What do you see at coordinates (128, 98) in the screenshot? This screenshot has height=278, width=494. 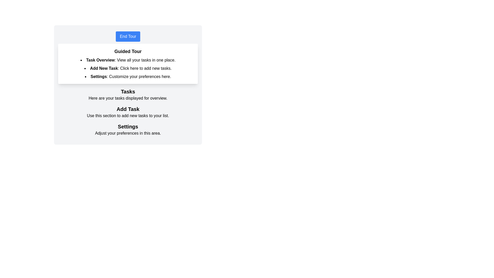 I see `the descriptive text that states 'Here are your tasks displayed for overview.' which is positioned directly below the title 'Tasks'` at bounding box center [128, 98].